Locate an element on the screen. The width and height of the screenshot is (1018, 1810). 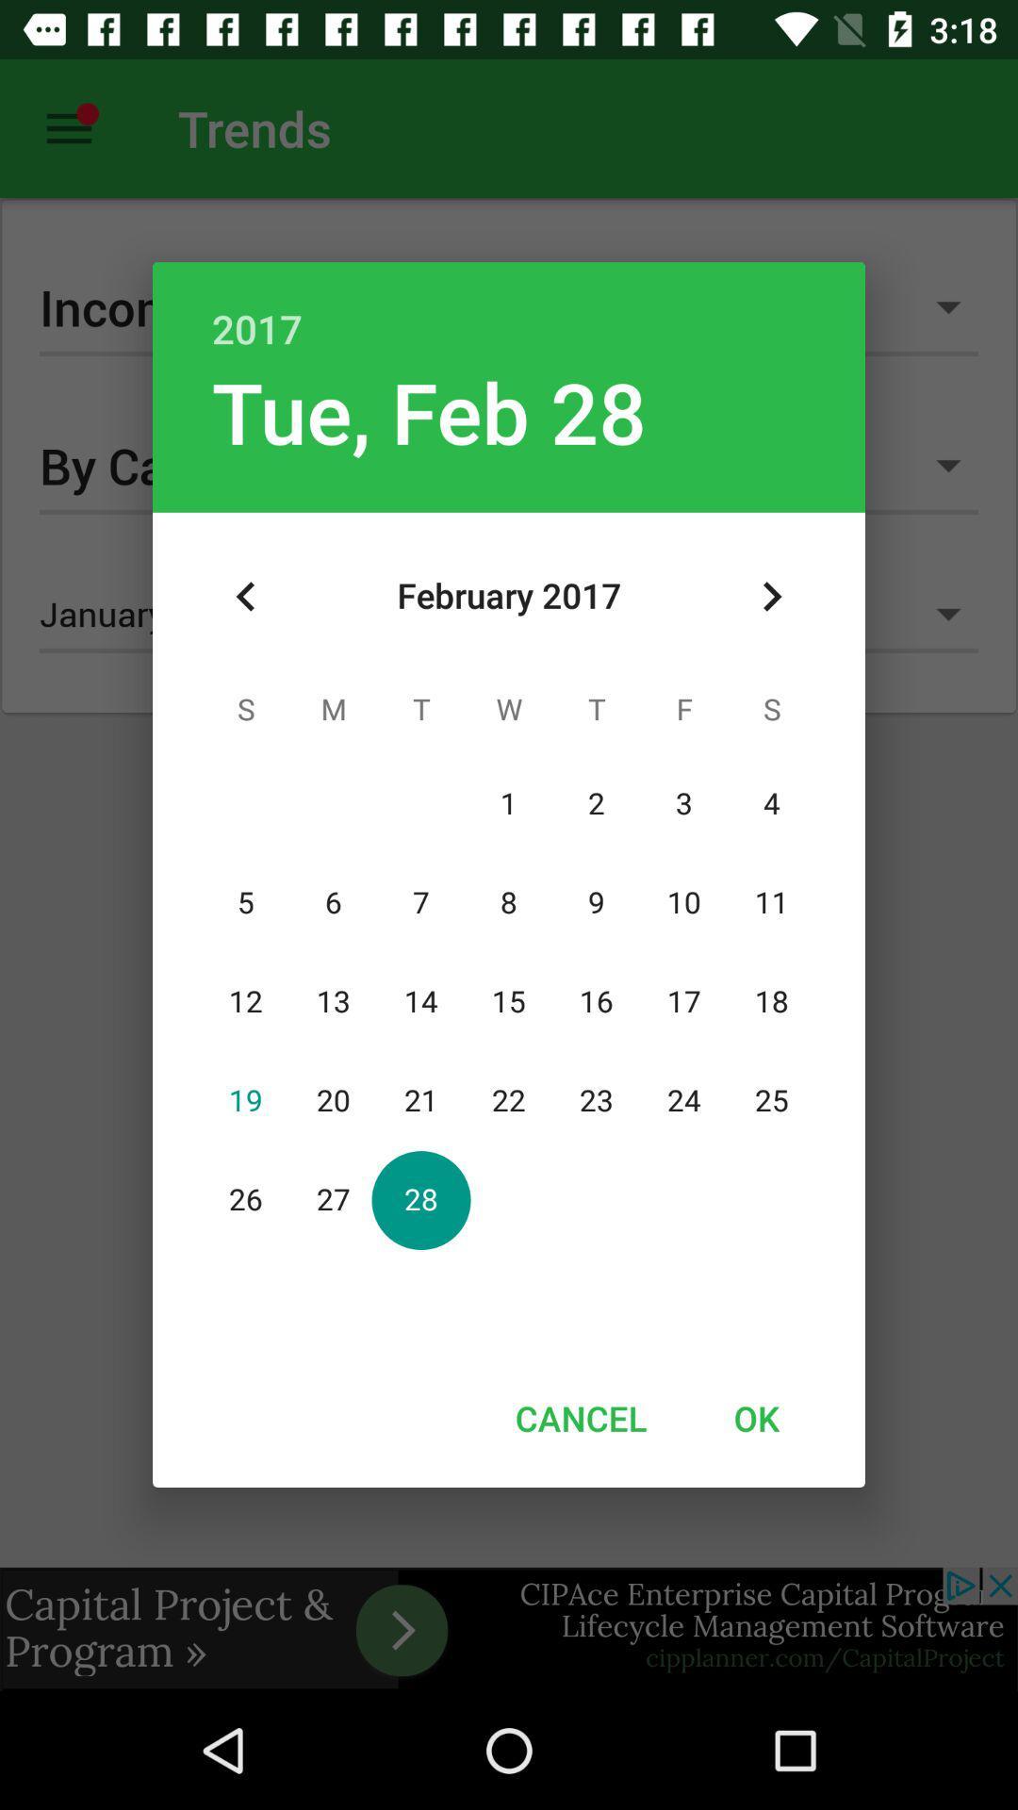
ok icon is located at coordinates (755, 1418).